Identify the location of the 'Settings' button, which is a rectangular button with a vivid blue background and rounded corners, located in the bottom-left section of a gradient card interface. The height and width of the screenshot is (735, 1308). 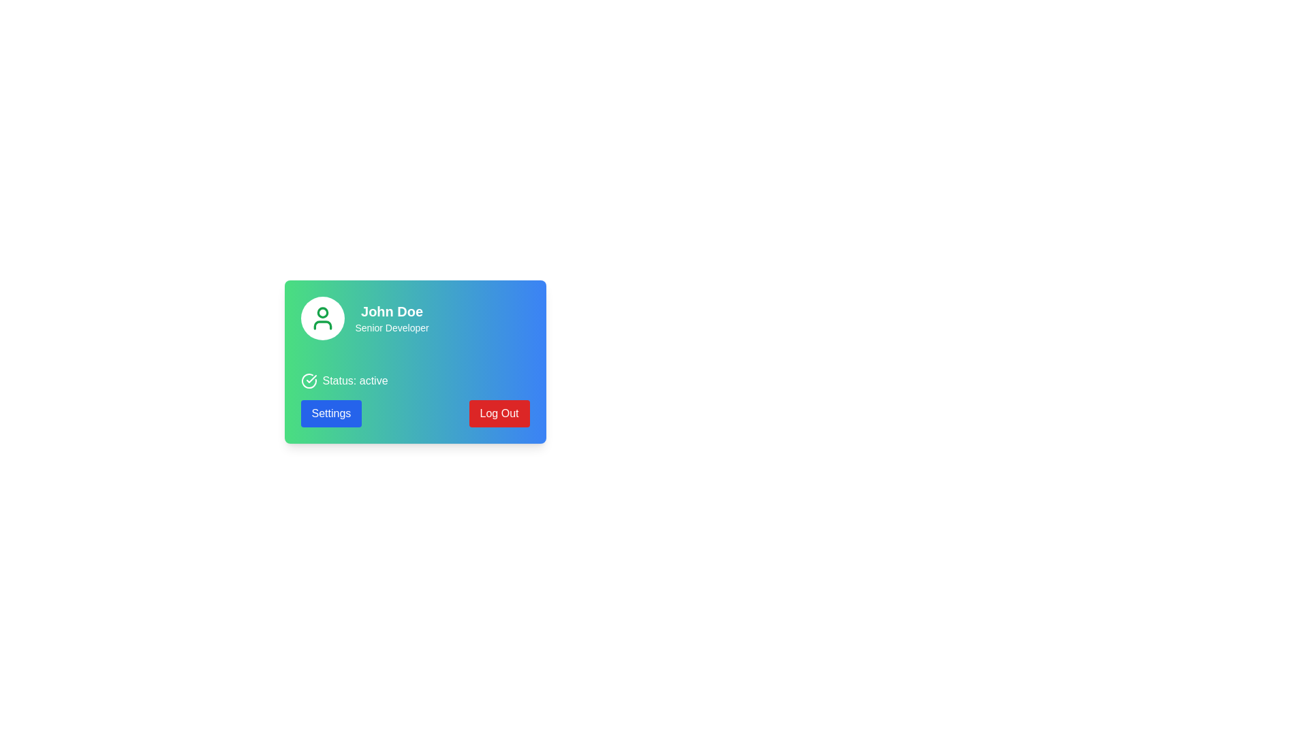
(331, 413).